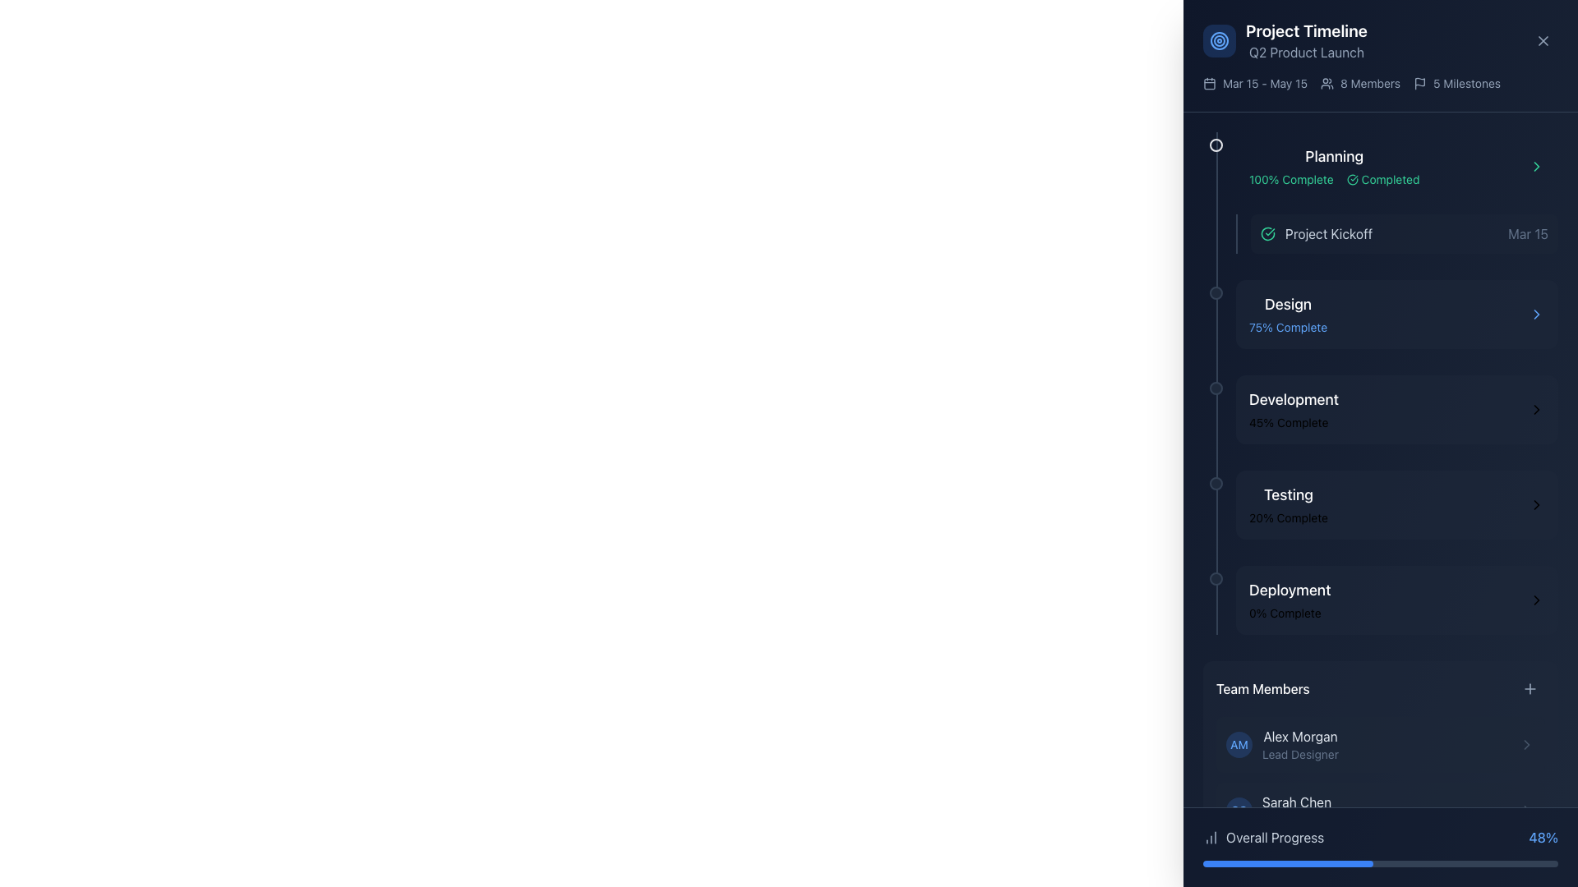 Image resolution: width=1578 pixels, height=887 pixels. Describe the element at coordinates (1294, 866) in the screenshot. I see `the text label displaying 'Mike Ross' in light gray font color, located in the team members section` at that location.